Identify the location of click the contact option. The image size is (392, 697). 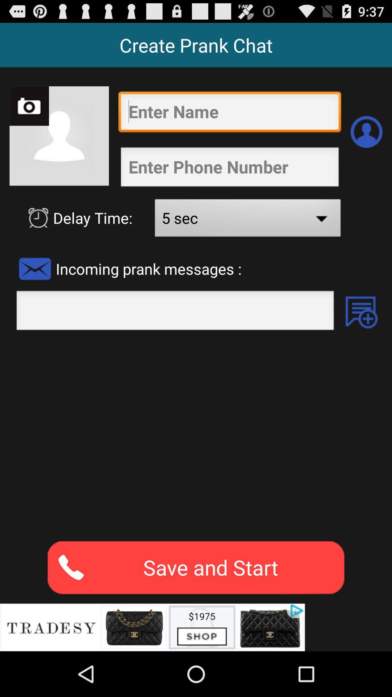
(366, 132).